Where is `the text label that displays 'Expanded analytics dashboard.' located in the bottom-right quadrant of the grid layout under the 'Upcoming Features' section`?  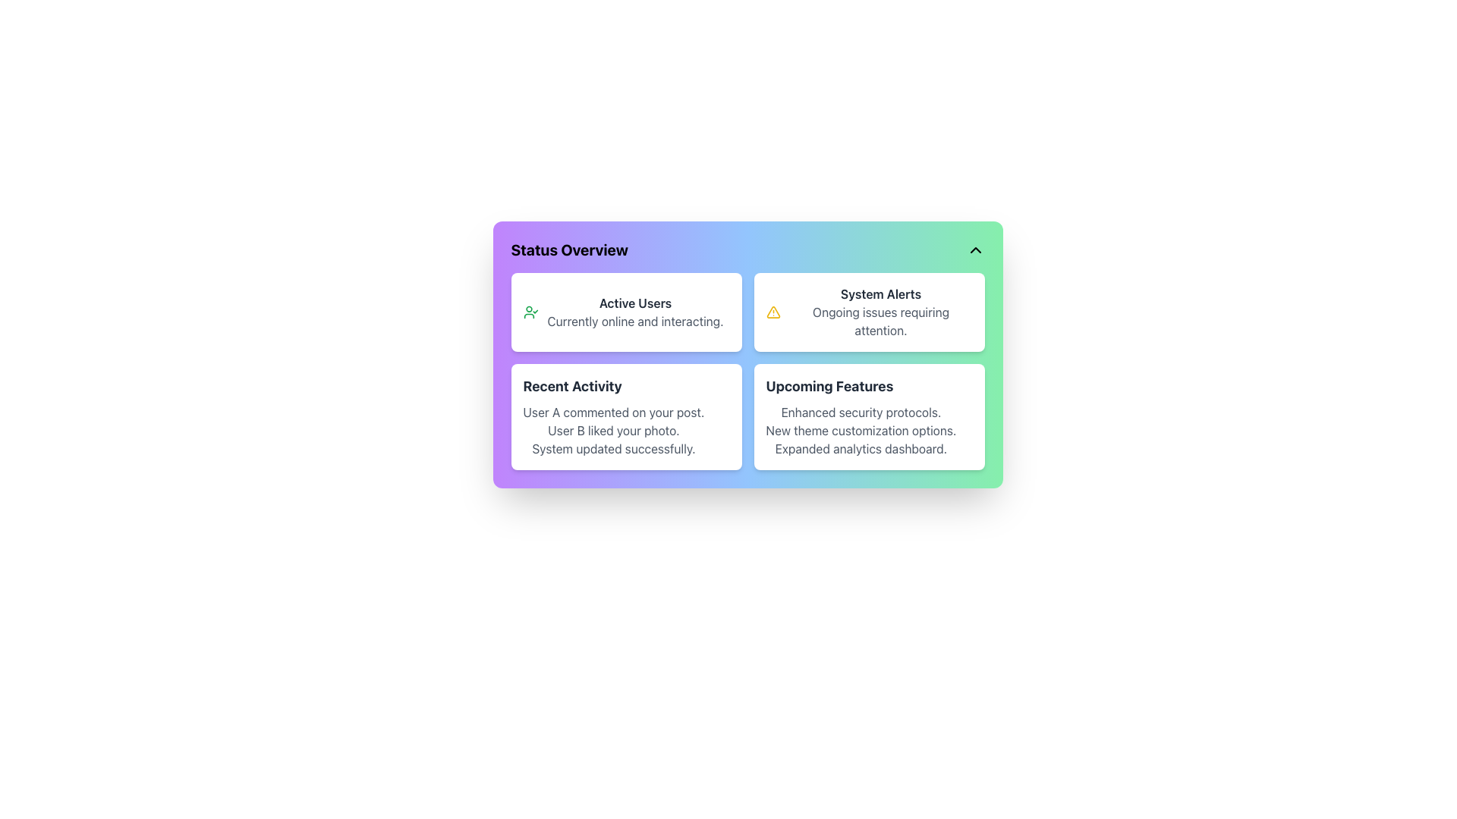
the text label that displays 'Expanded analytics dashboard.' located in the bottom-right quadrant of the grid layout under the 'Upcoming Features' section is located at coordinates (861, 447).